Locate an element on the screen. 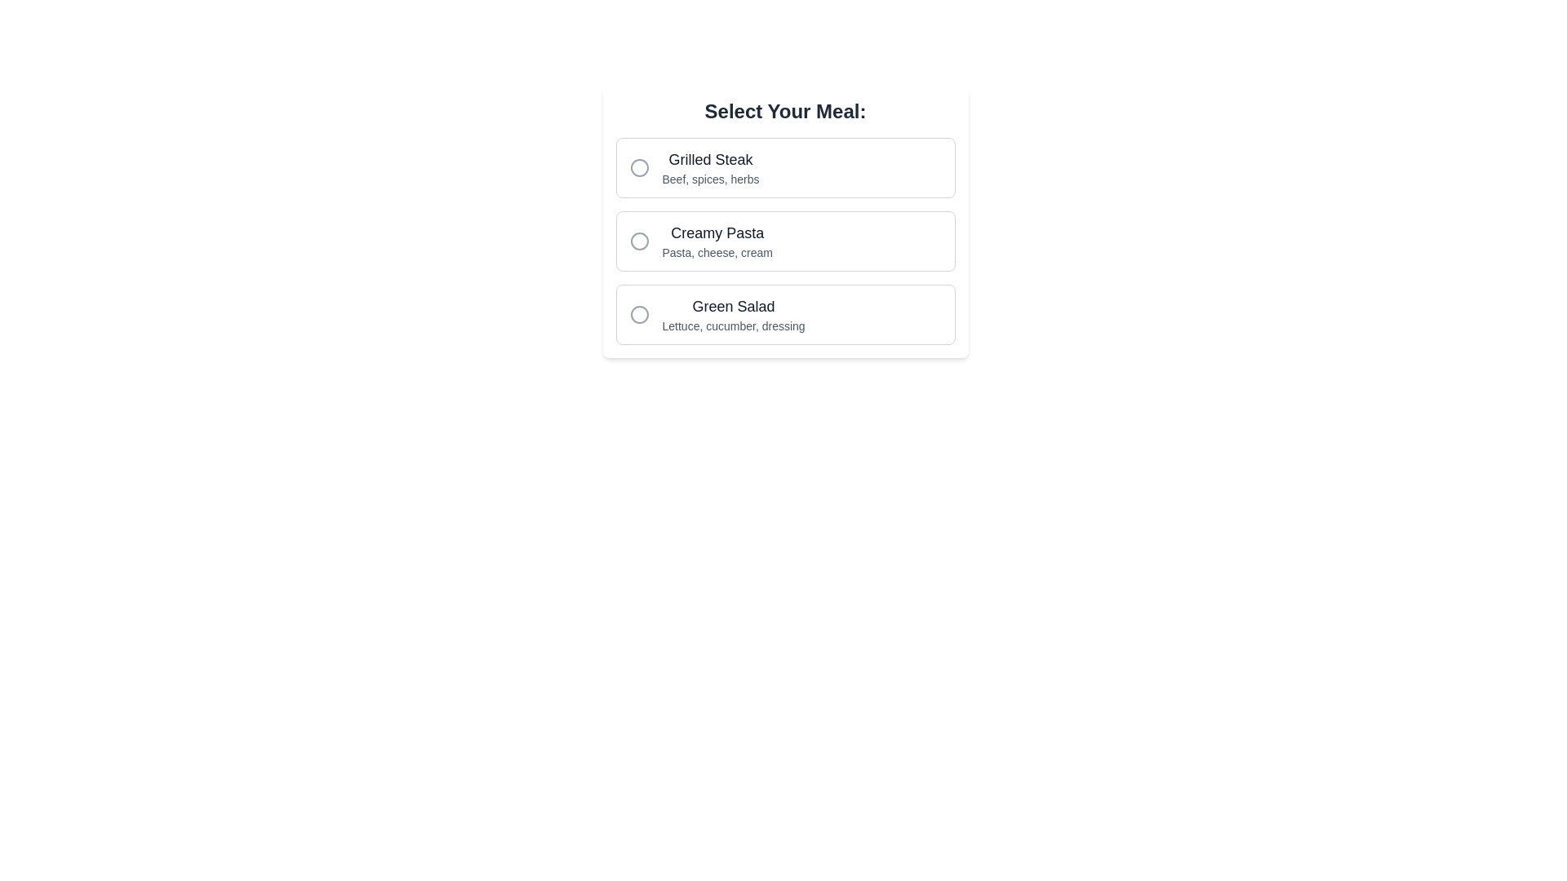 This screenshot has width=1567, height=881. the label displaying 'Pasta, cheese, cream' positioned beneath the heading 'Creamy Pasta' in the middle choice of the three-choice group under 'Select Your Meal' is located at coordinates (717, 252).